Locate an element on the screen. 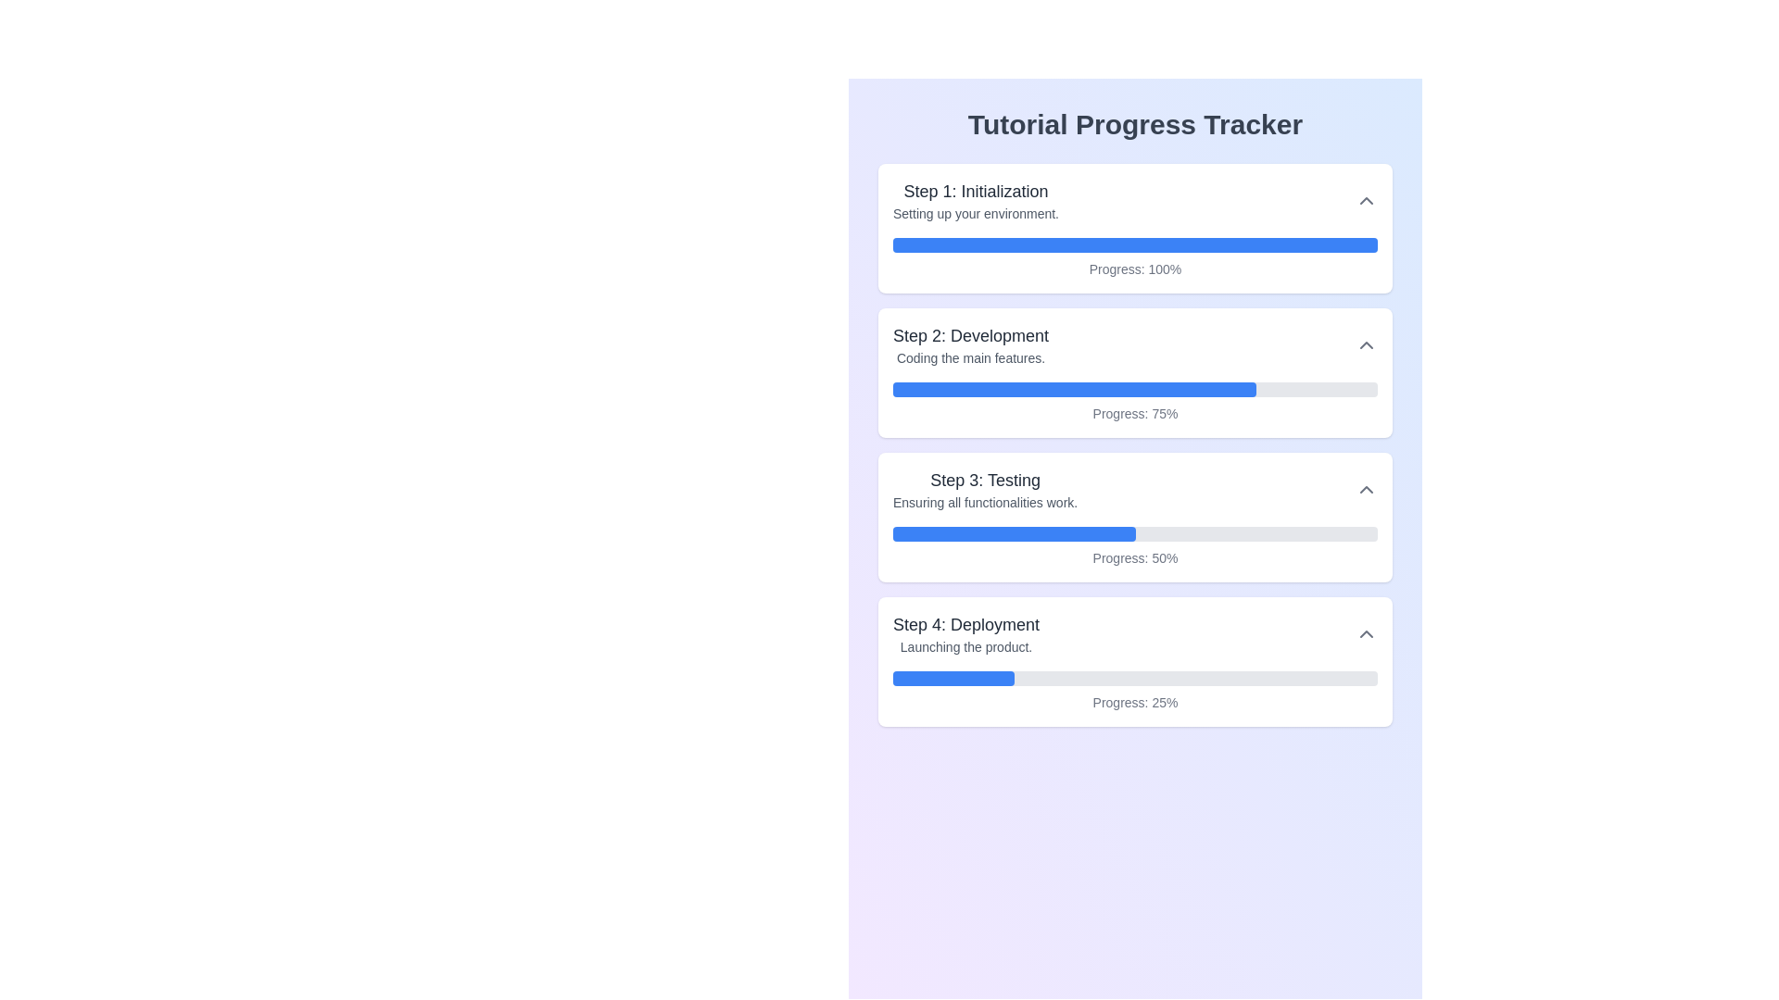  the blue progress bar segment indicating 'Progress: 75%' in the progress tracking interface is located at coordinates (1075, 388).